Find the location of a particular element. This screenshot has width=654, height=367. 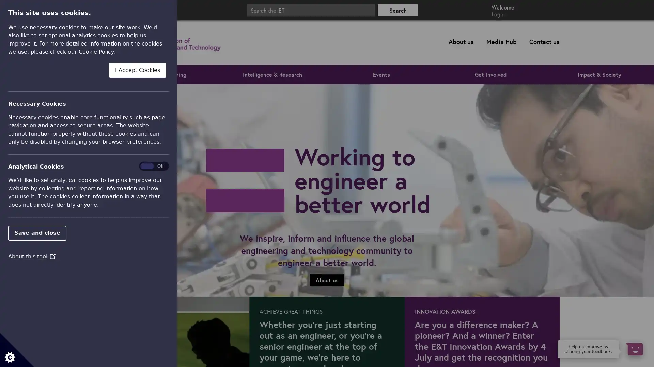

Dismiss Message is located at coordinates (618, 341).